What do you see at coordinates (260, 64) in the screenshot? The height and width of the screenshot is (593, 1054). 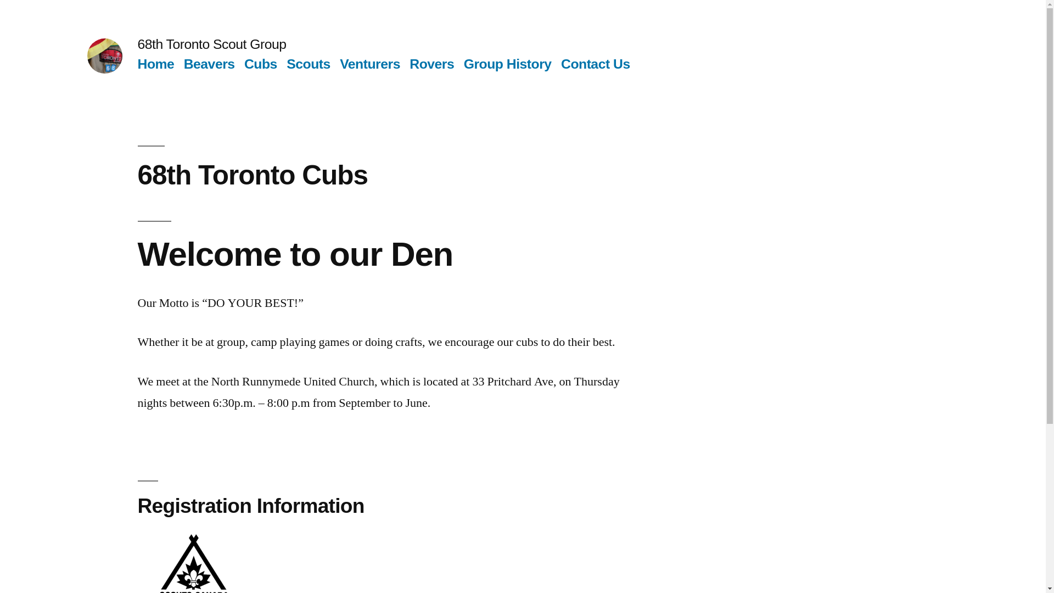 I see `'Cubs'` at bounding box center [260, 64].